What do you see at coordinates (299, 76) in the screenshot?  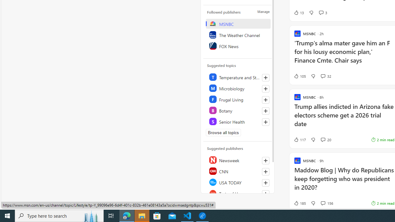 I see `'105 Like'` at bounding box center [299, 76].